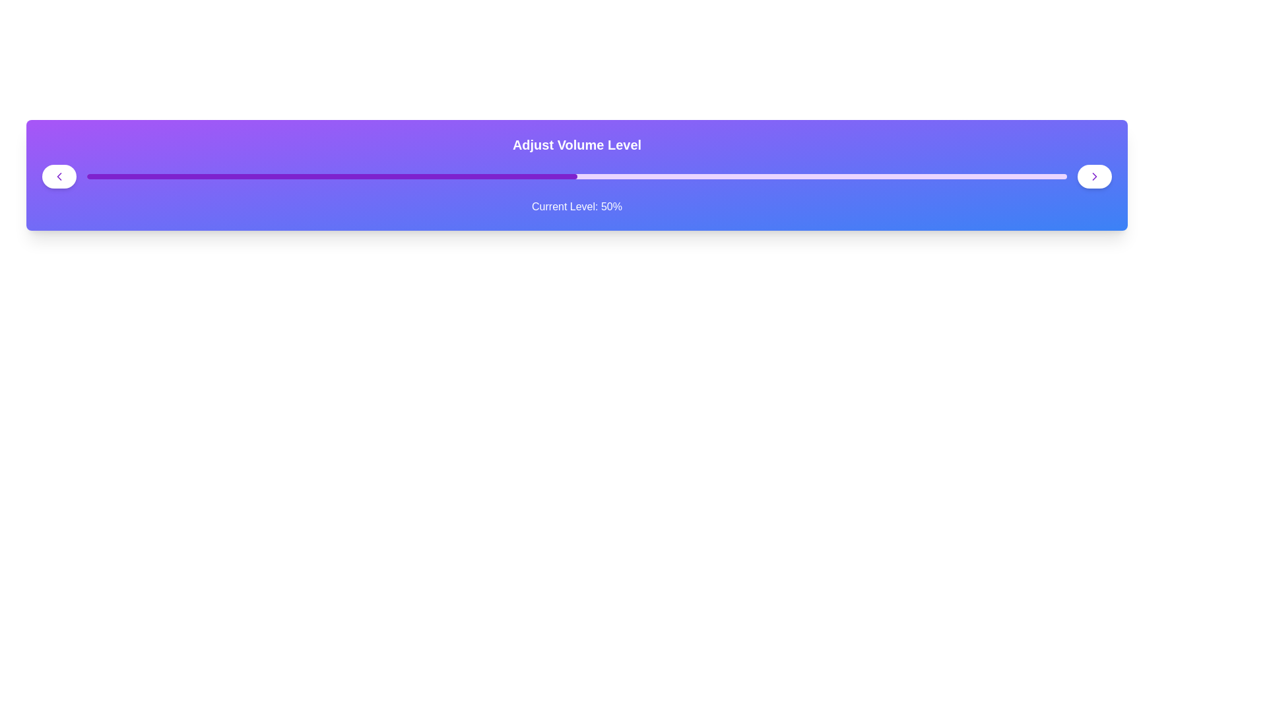 The height and width of the screenshot is (712, 1267). What do you see at coordinates (370, 175) in the screenshot?
I see `the volume level` at bounding box center [370, 175].